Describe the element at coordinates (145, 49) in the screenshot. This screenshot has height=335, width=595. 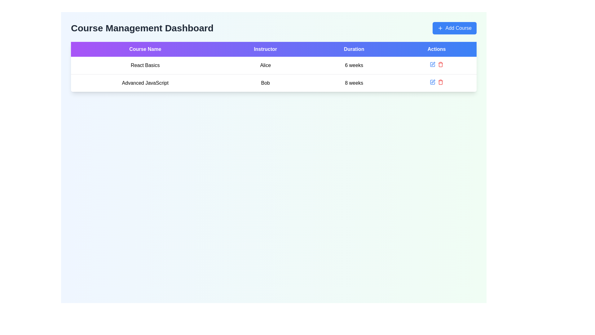
I see `the header label indicating 'Course Name' in the top-left of the header row containing 'Instructor,' 'Duration,' and 'Actions'` at that location.